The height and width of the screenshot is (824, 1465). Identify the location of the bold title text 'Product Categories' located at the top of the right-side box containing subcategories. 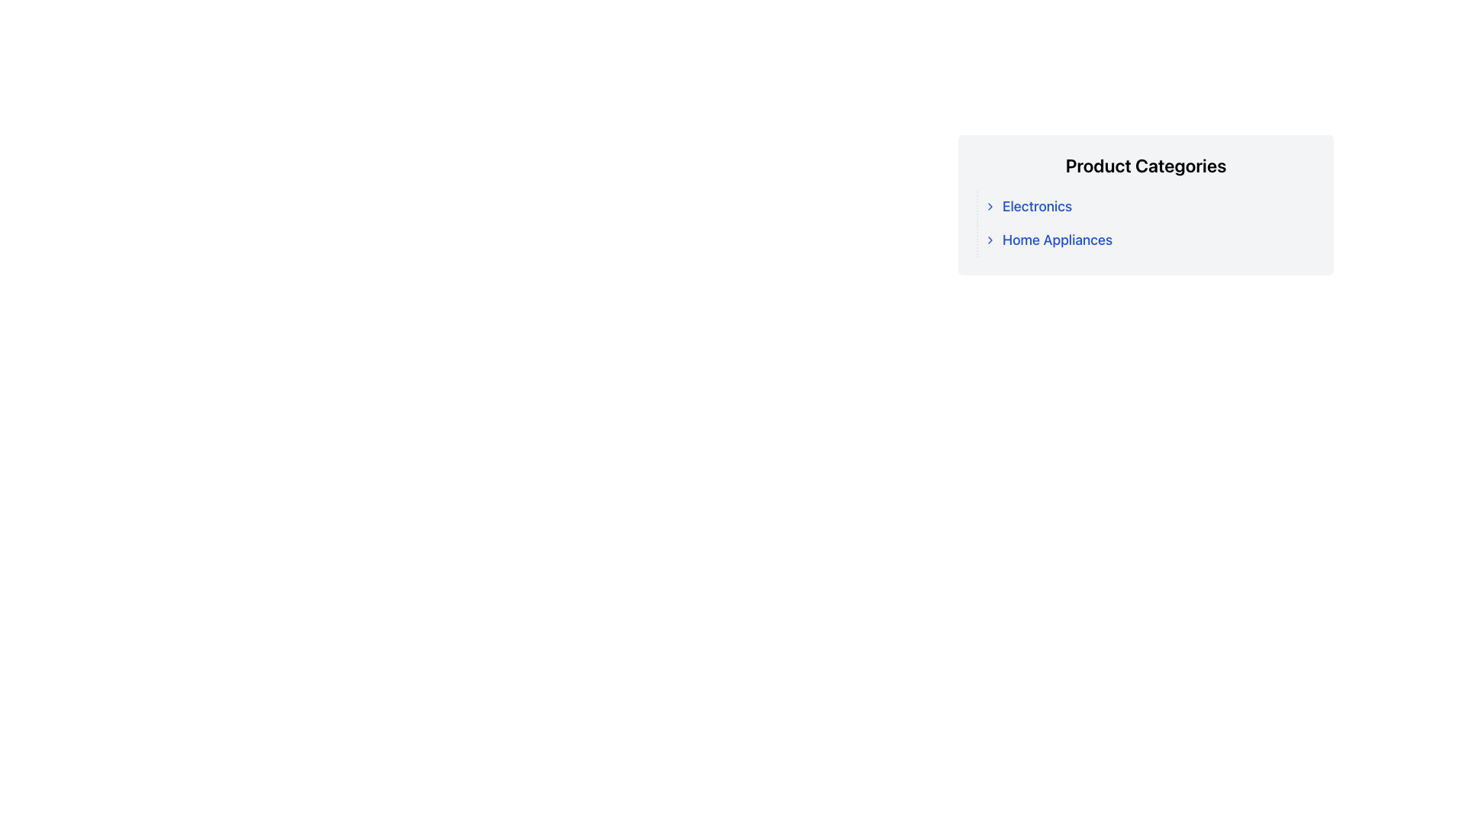
(1146, 165).